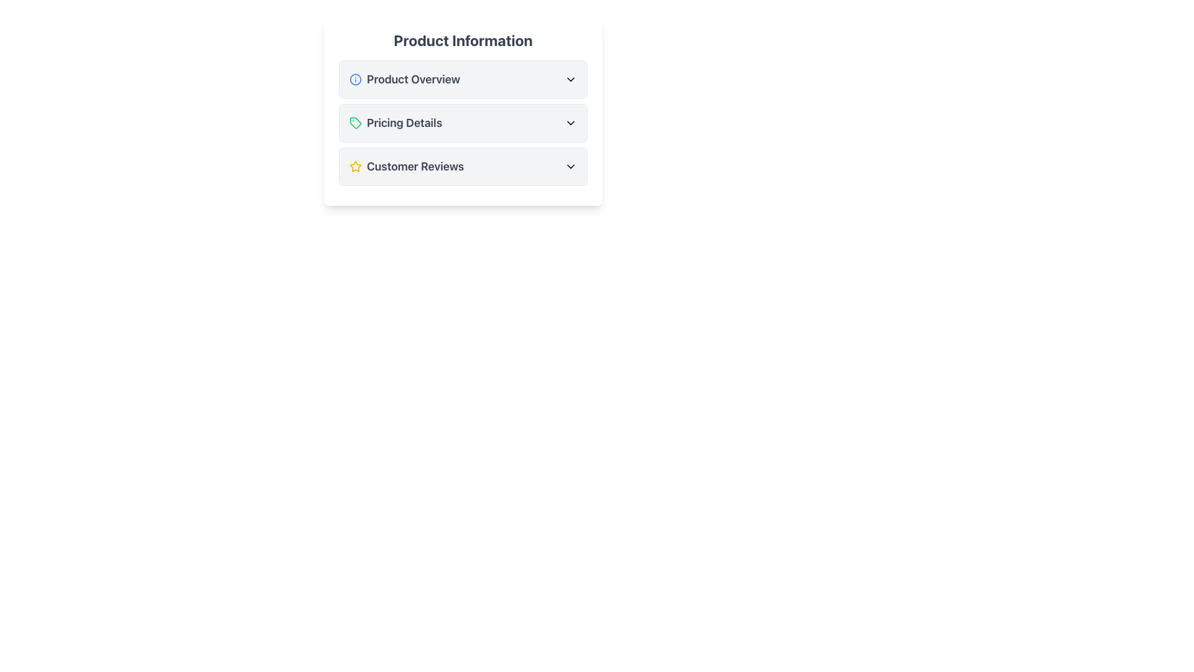 The image size is (1194, 672). I want to click on the star icon representing the rating or review feature next to 'Customer Reviews' in the collapsible section header, so click(354, 166).